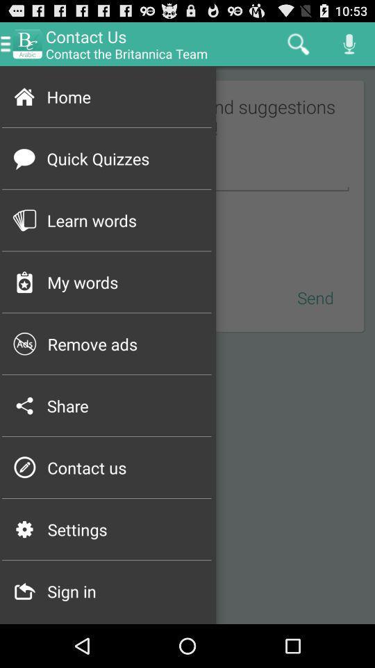 This screenshot has height=668, width=375. I want to click on the mike icon at top right corner, so click(349, 44).